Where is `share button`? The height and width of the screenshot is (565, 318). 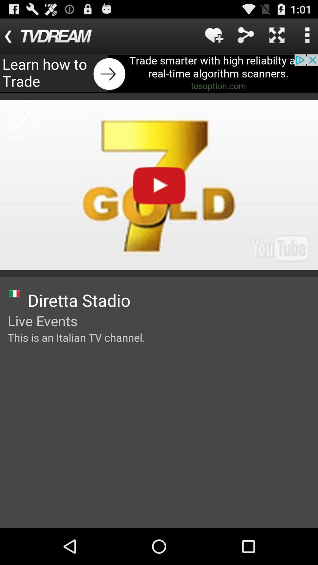
share button is located at coordinates (245, 35).